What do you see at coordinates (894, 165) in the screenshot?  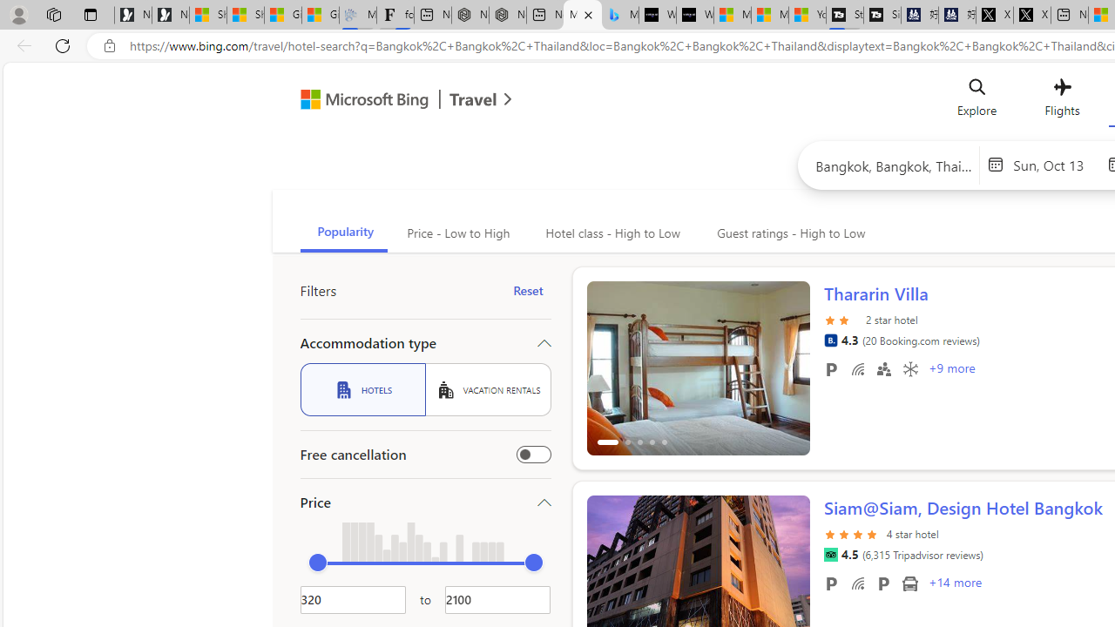 I see `'Search hotels or place'` at bounding box center [894, 165].